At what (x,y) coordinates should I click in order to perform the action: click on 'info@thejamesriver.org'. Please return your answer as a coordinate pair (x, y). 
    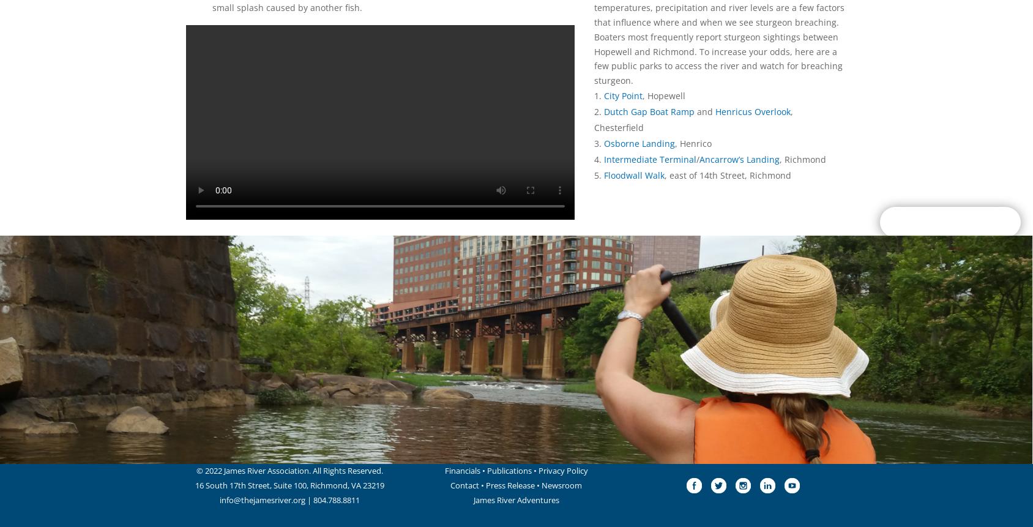
    Looking at the image, I should click on (261, 499).